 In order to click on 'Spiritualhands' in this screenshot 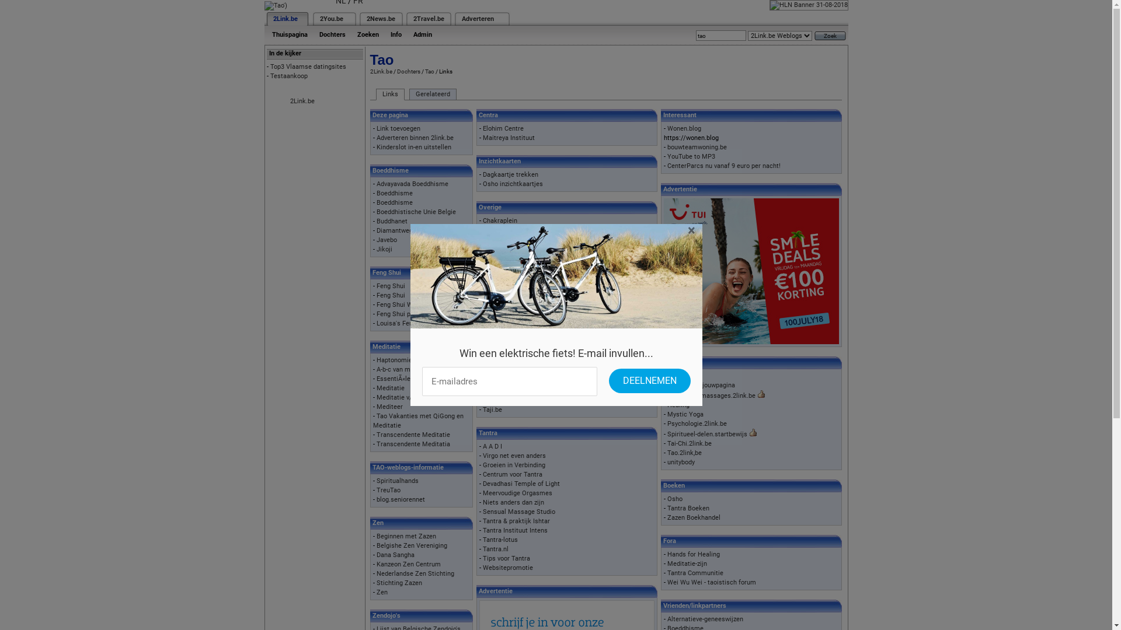, I will do `click(397, 481)`.